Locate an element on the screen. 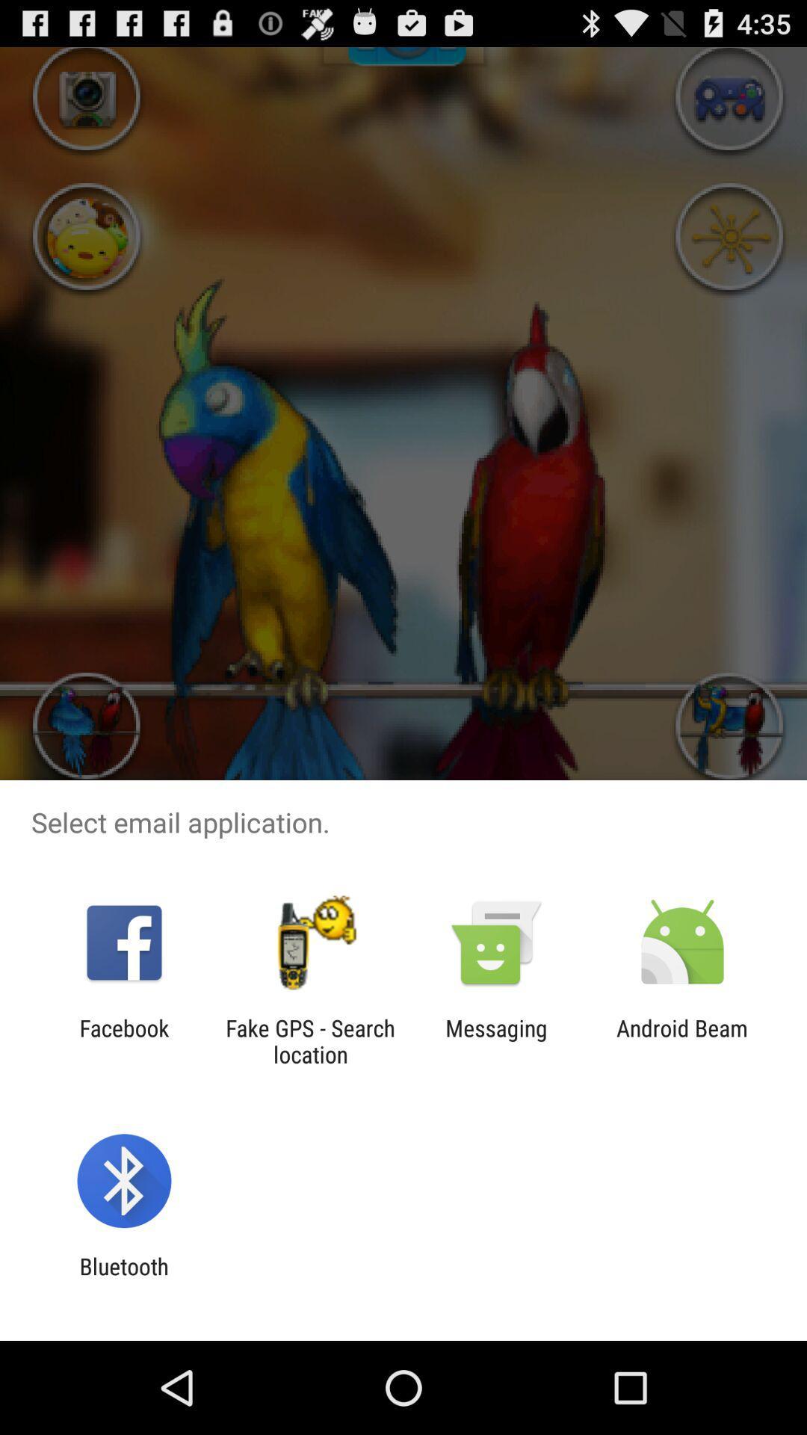 The image size is (807, 1435). app next to messaging item is located at coordinates (682, 1040).